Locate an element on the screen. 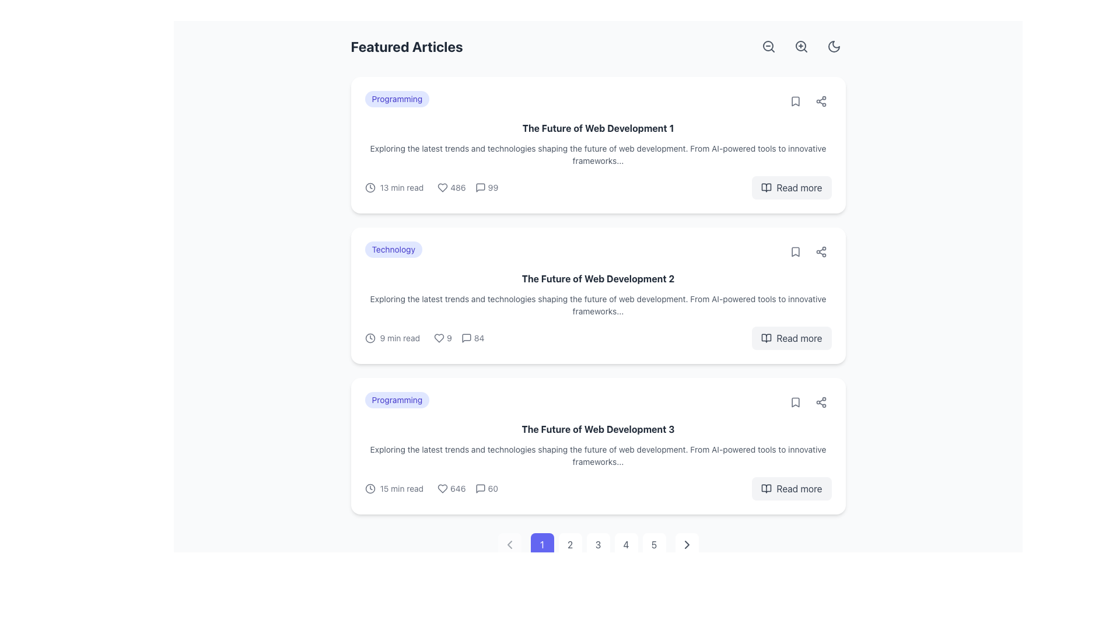  the circular gray magnifying glass icon with a minus sign inside, located in the top-right corner of the interface is located at coordinates (768, 46).